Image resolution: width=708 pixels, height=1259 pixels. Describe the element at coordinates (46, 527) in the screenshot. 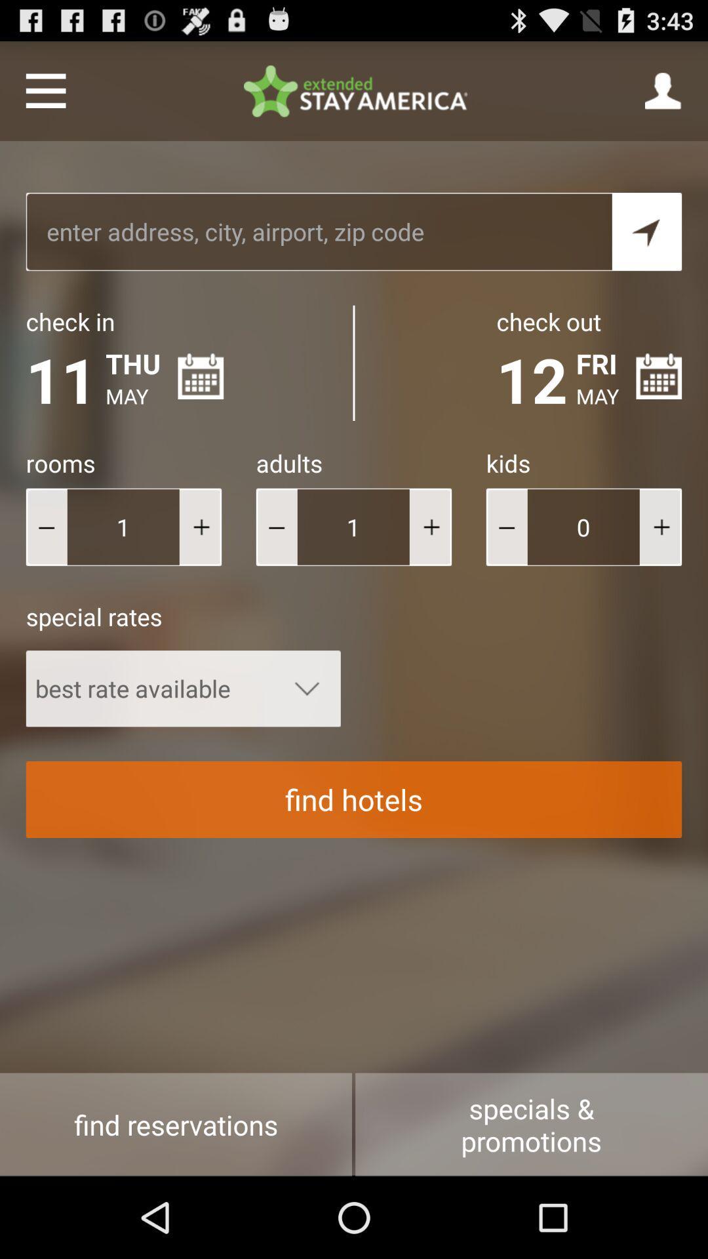

I see `decrease amount of rooms` at that location.